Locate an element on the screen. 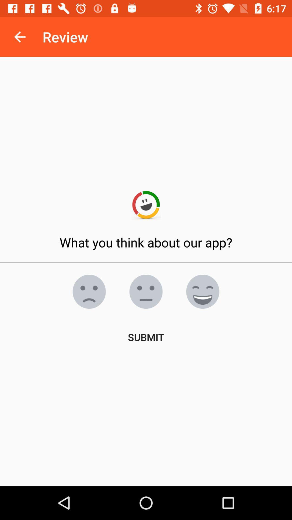 The height and width of the screenshot is (520, 292). the emoji icon is located at coordinates (203, 291).